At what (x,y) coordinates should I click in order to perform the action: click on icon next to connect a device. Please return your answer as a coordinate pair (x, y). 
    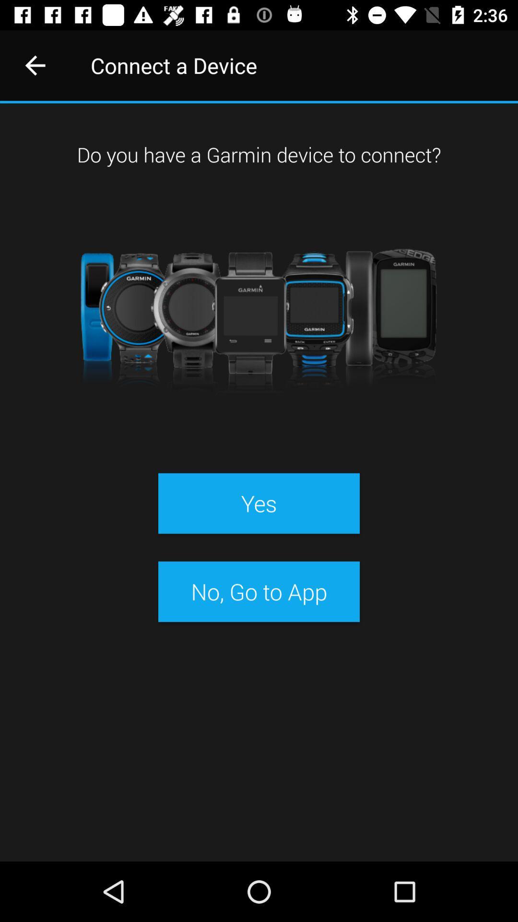
    Looking at the image, I should click on (35, 65).